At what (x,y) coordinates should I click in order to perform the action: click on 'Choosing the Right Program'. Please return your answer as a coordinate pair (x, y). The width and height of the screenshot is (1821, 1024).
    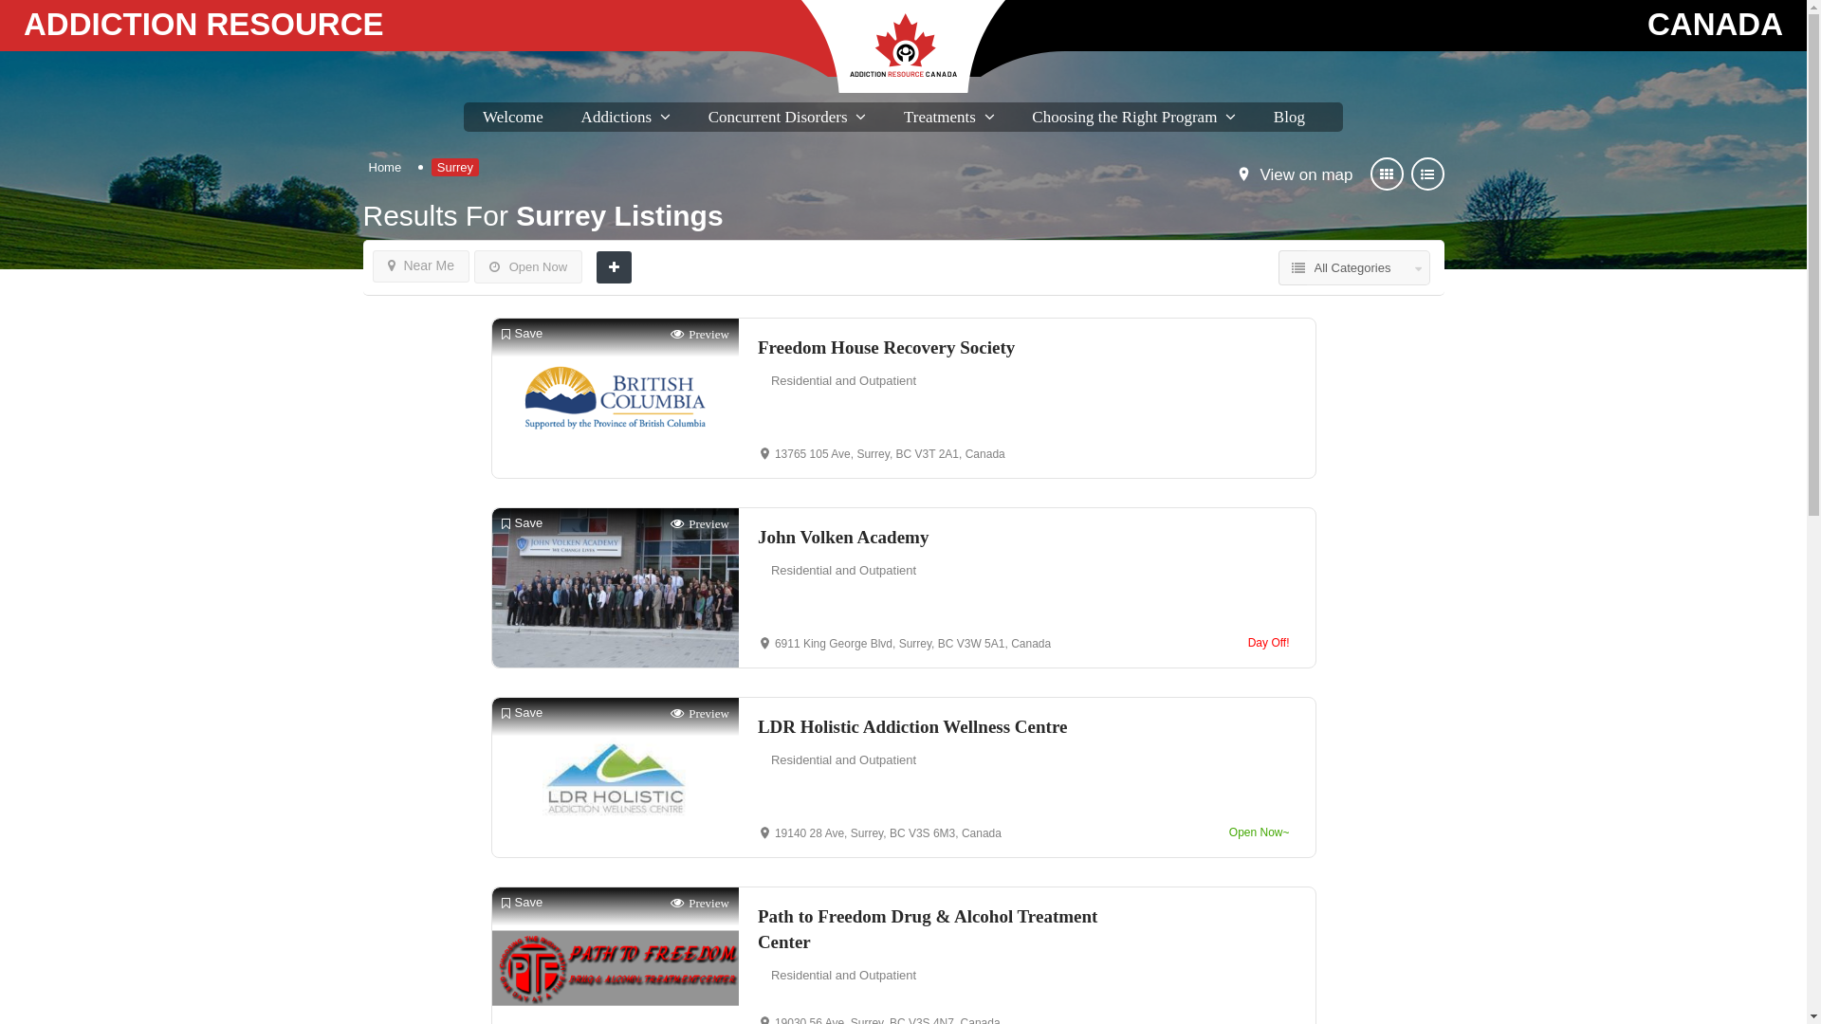
    Looking at the image, I should click on (1124, 117).